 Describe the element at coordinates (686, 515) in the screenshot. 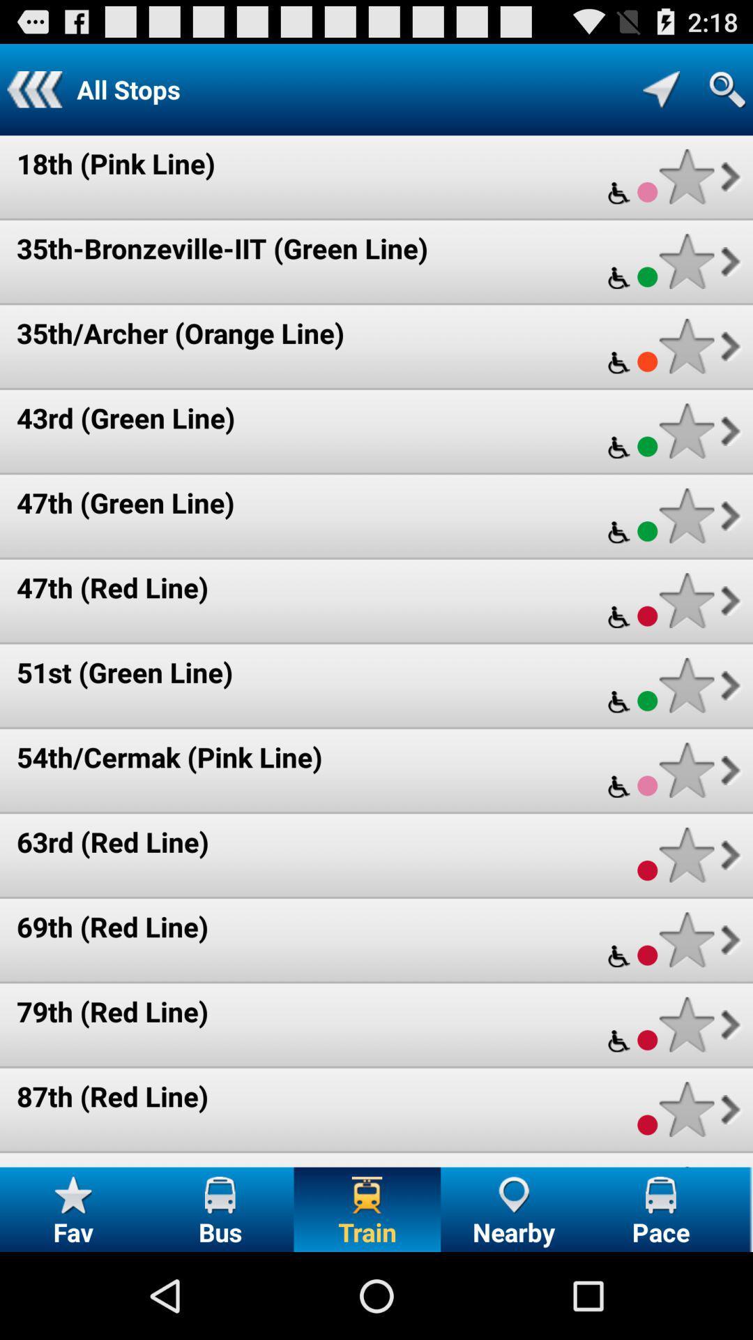

I see `mark as favorite` at that location.